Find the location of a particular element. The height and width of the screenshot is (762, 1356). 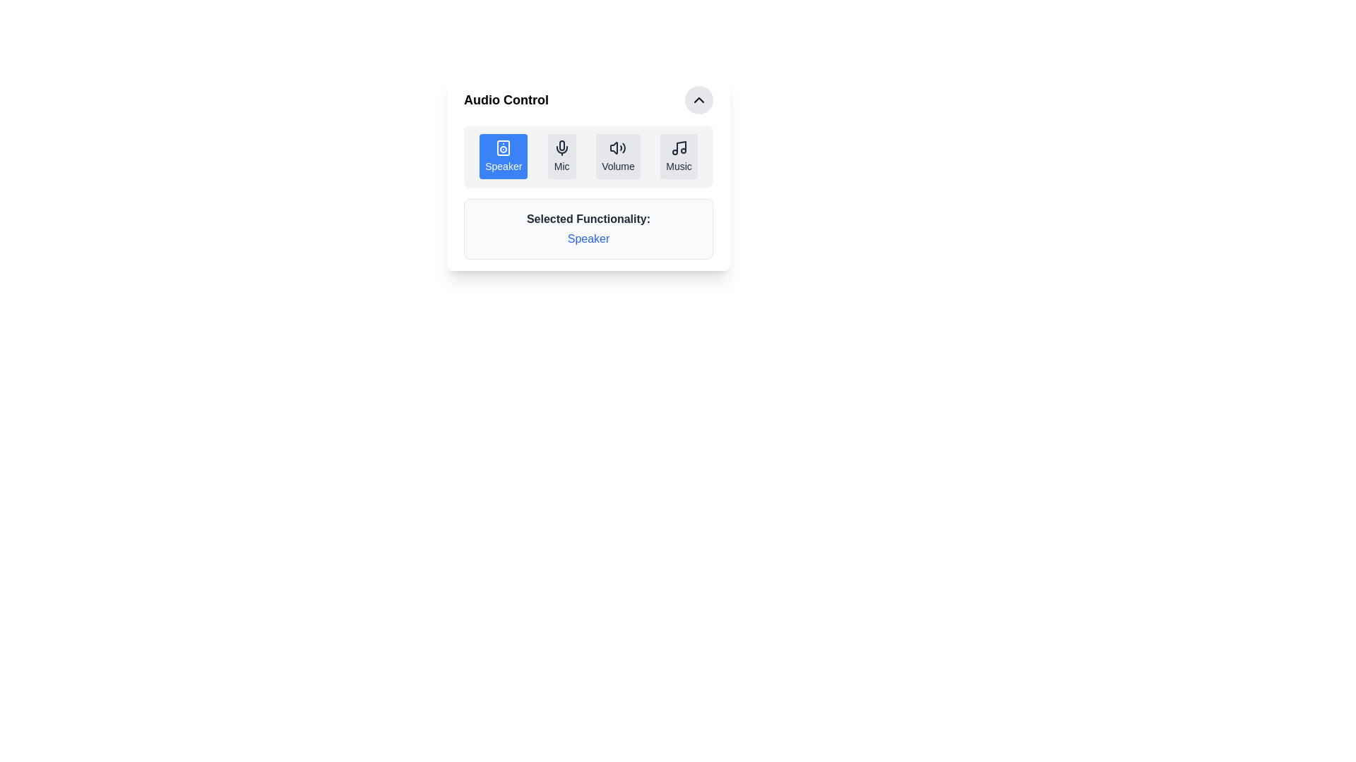

the 'Volume' button is located at coordinates (618, 157).